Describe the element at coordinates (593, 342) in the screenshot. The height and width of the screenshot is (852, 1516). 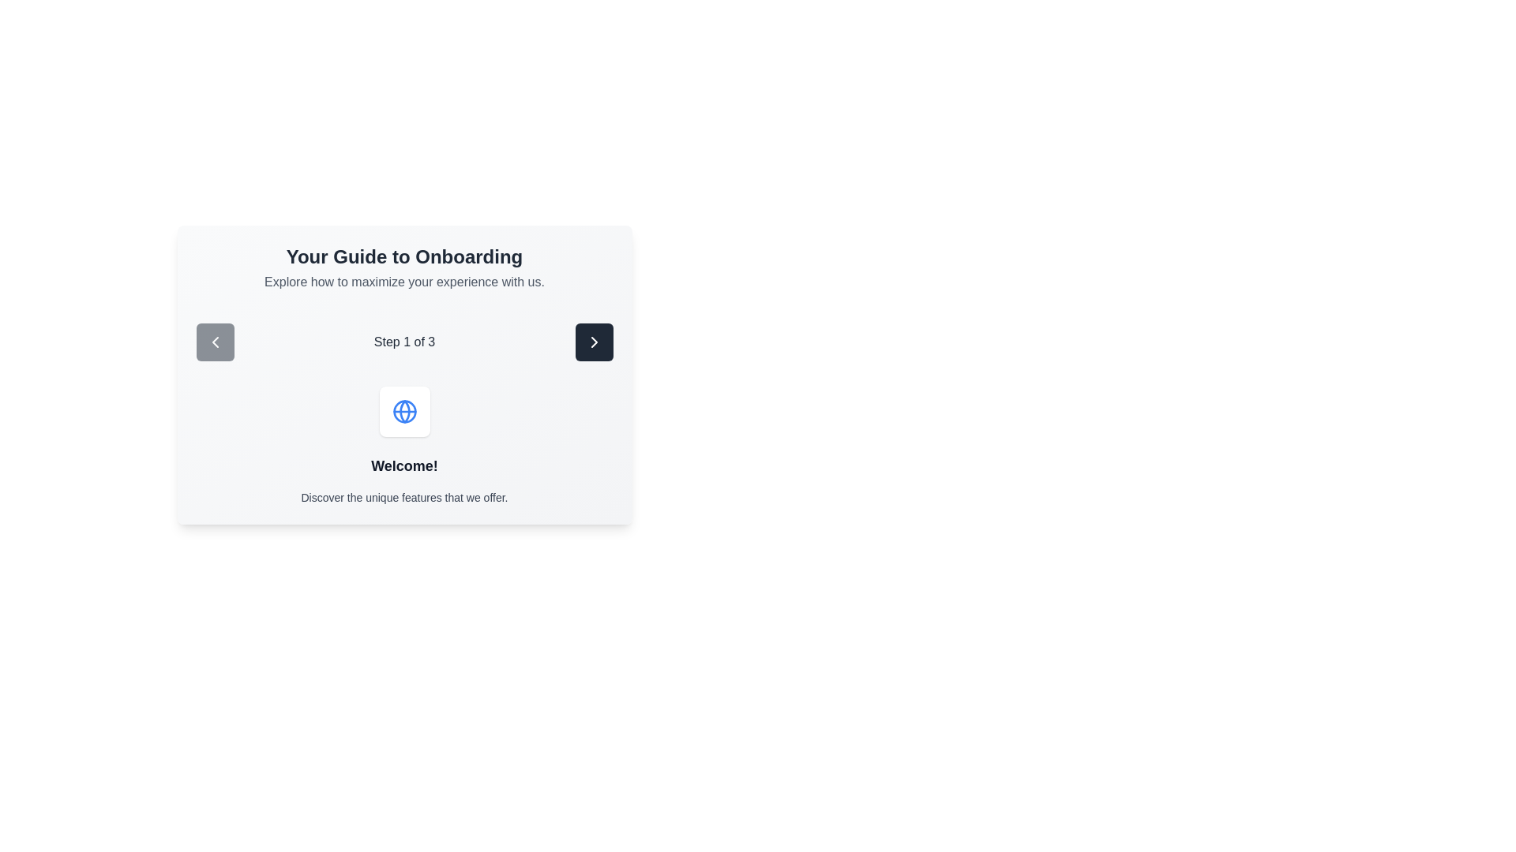
I see `the circular button containing the right-chevron SVG icon for a visual response` at that location.